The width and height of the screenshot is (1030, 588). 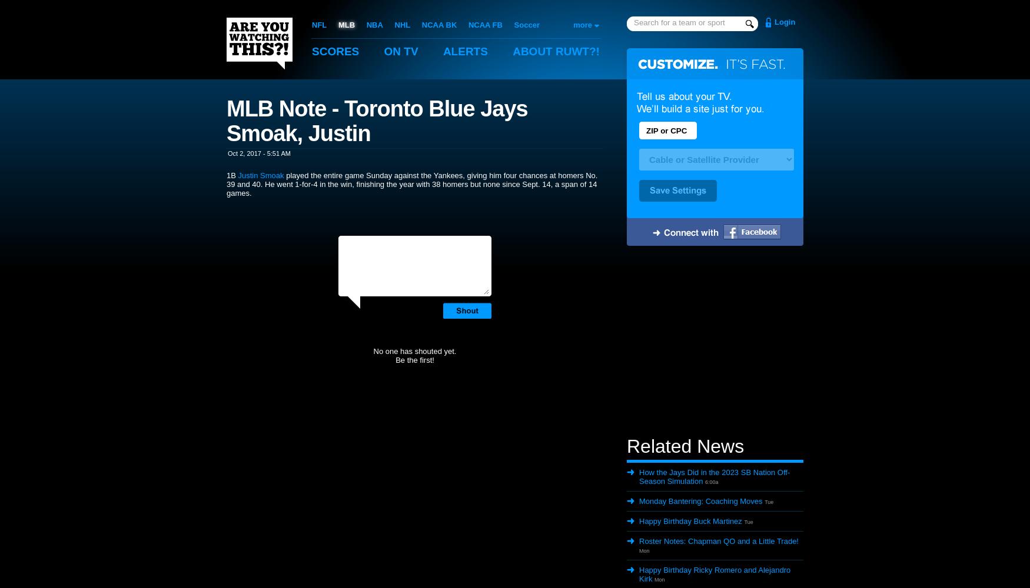 I want to click on 'more', so click(x=573, y=25).